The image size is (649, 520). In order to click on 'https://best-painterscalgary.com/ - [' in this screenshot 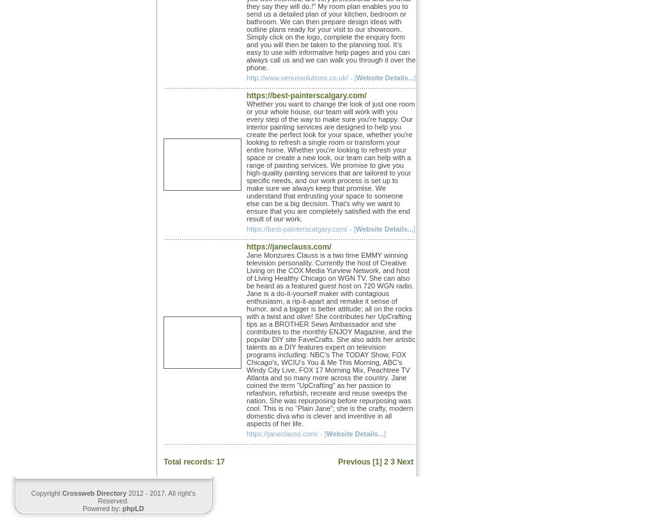, I will do `click(301, 228)`.